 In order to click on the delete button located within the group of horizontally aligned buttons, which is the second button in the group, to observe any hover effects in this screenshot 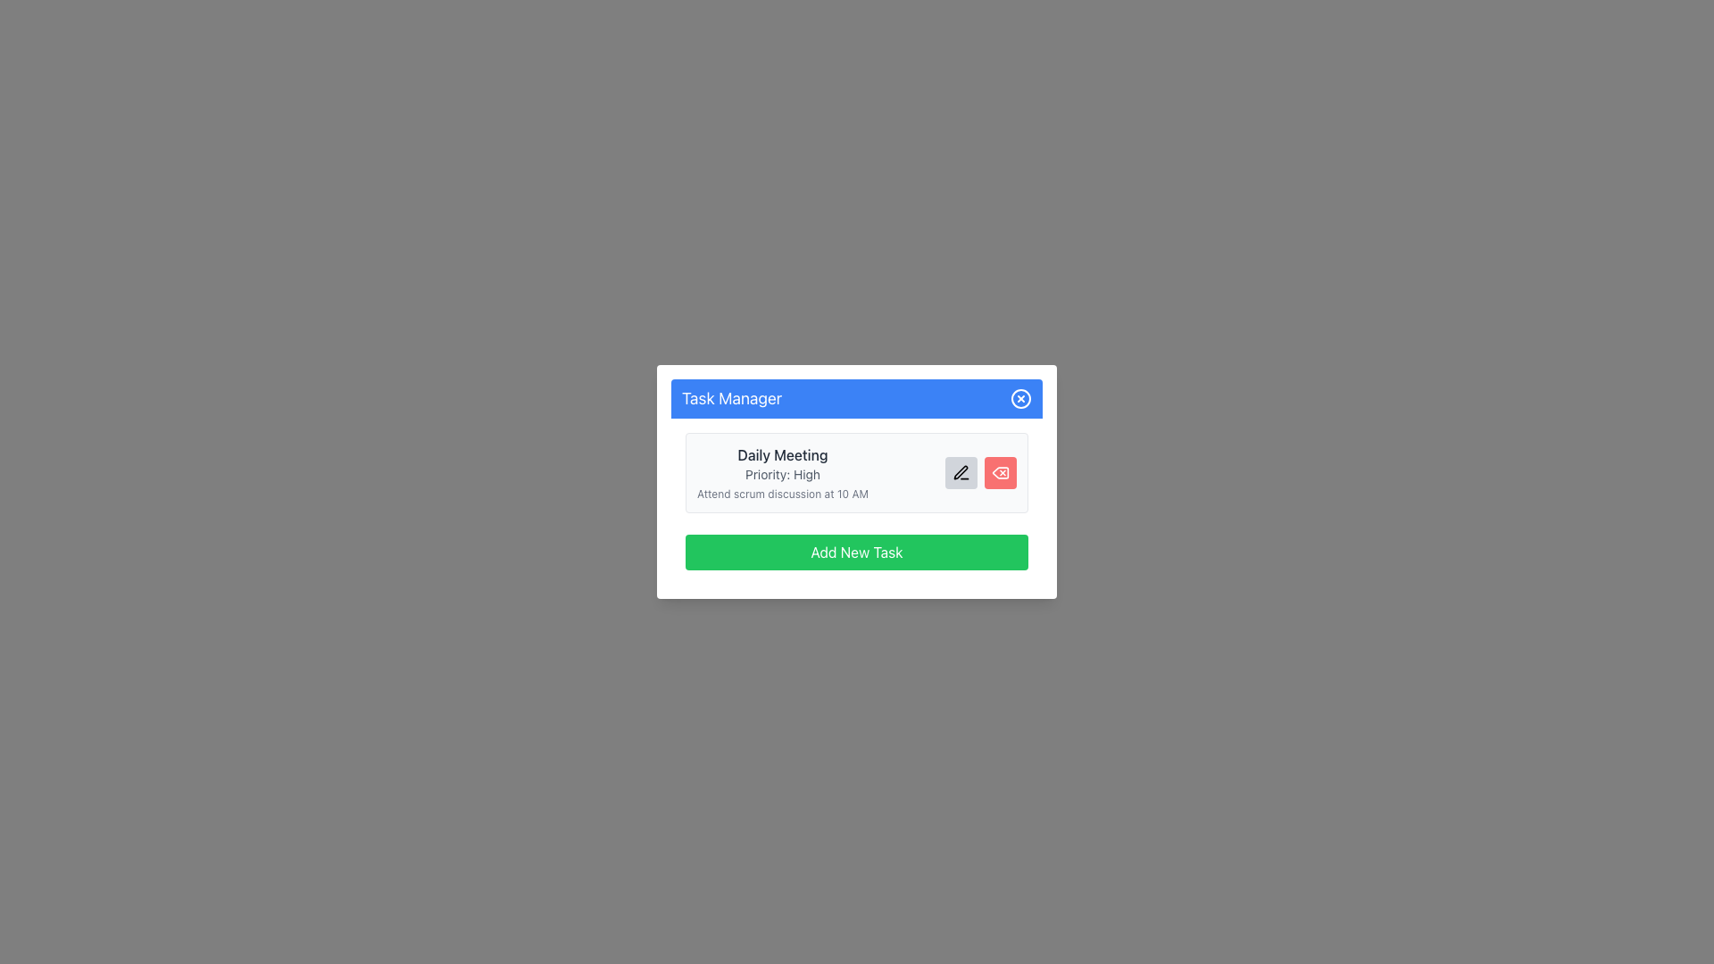, I will do `click(1001, 471)`.